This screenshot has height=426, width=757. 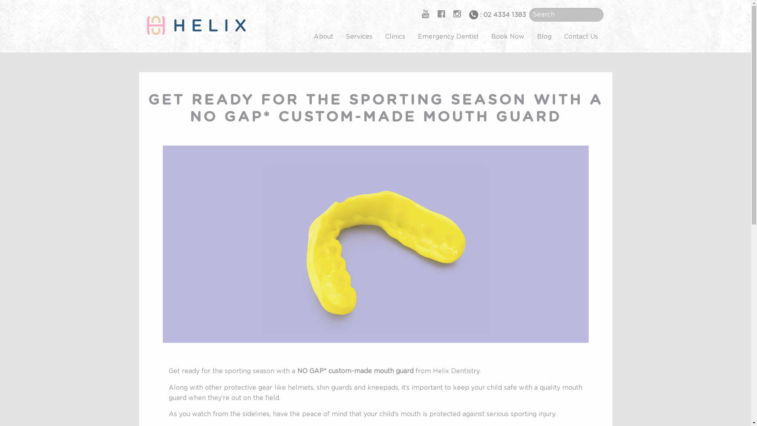 I want to click on 'Services', so click(x=358, y=36).